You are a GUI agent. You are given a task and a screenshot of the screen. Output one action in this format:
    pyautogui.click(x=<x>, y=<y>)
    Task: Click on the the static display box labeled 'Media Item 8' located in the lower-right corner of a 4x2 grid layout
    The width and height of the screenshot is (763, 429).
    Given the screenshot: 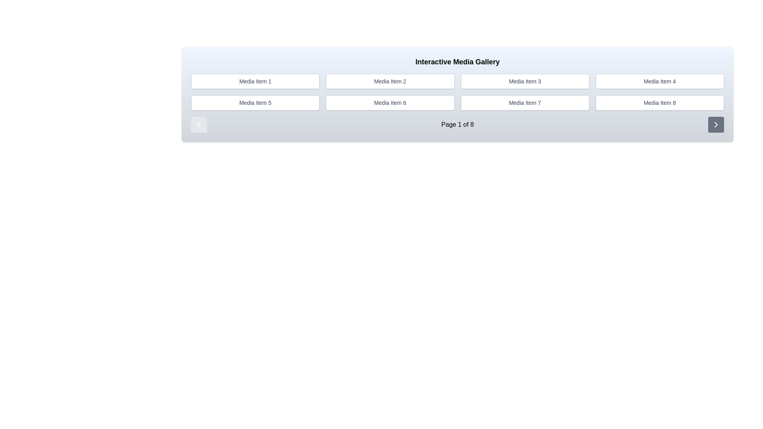 What is the action you would take?
    pyautogui.click(x=660, y=102)
    